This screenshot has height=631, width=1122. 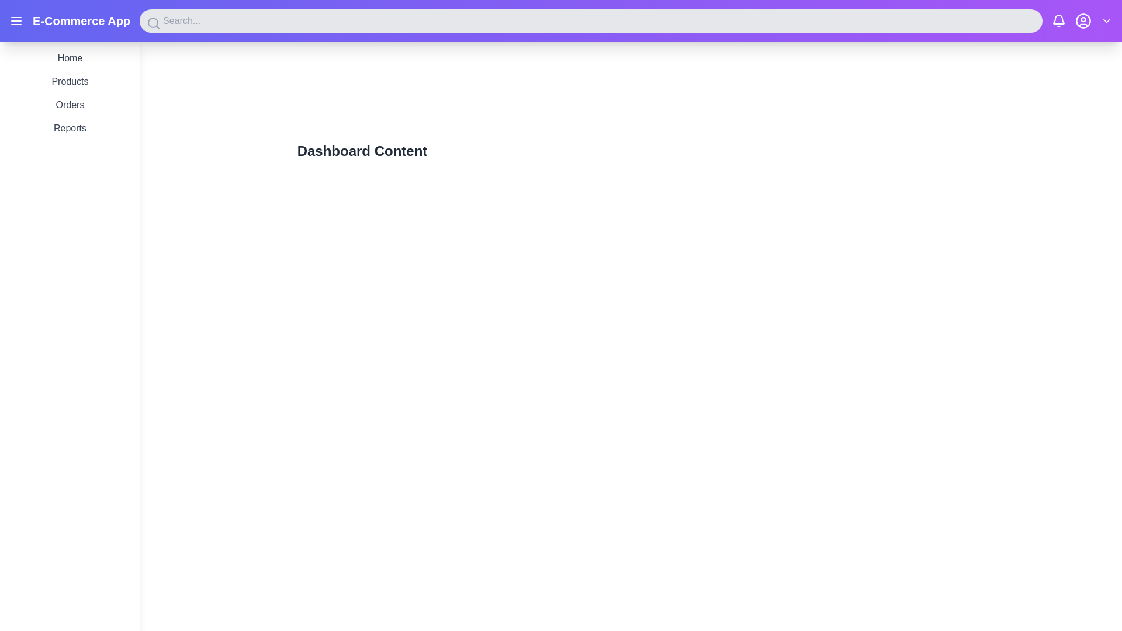 What do you see at coordinates (1058, 20) in the screenshot?
I see `the notification indicator icon (Bell) located at the top right-hand side of the header bar` at bounding box center [1058, 20].